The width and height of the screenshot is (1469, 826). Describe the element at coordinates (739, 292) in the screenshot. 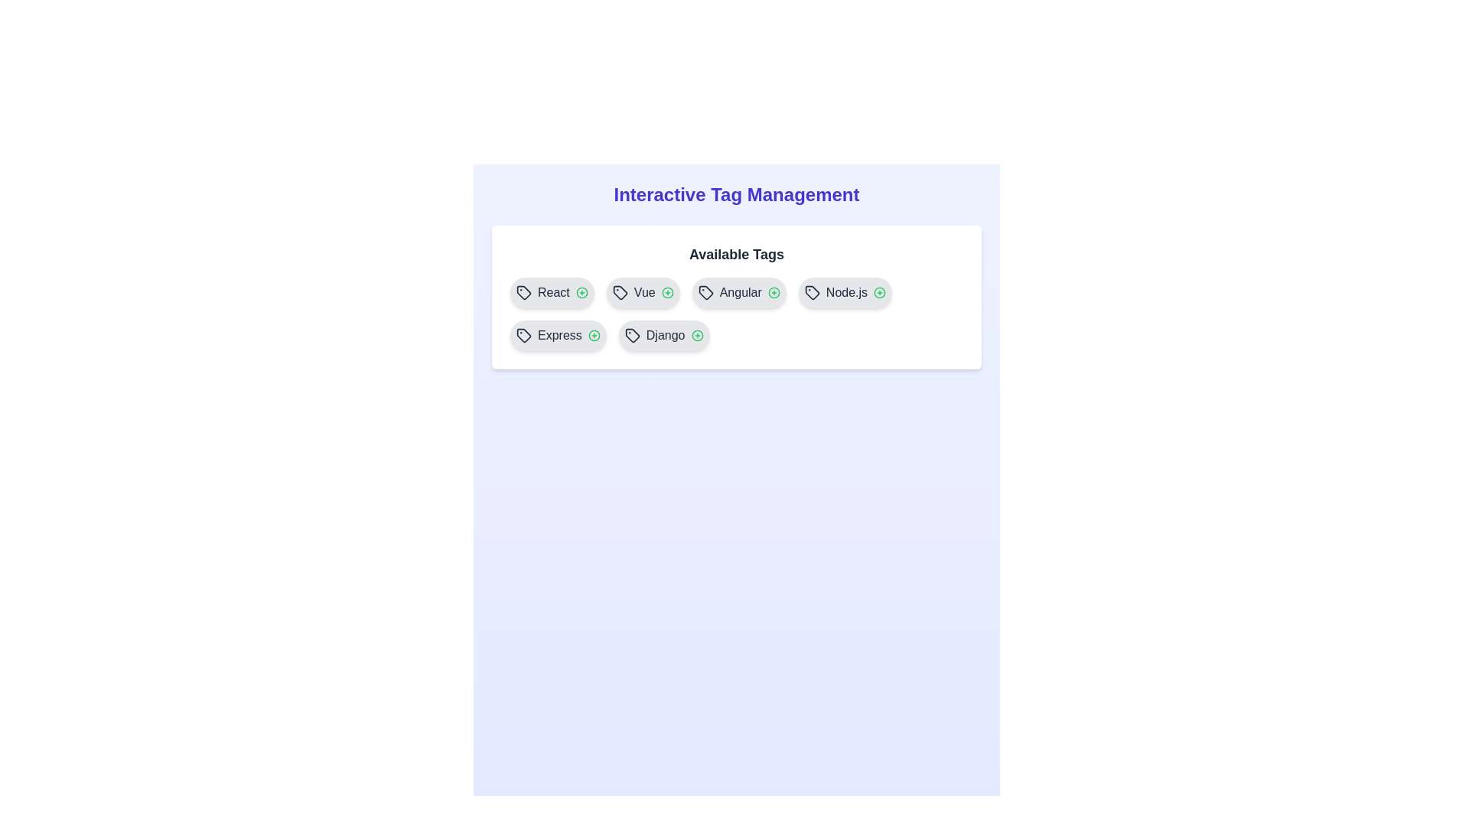

I see `the Angular tag button, which is the third button in the first row of available tags in the 'Interactive Tag Management' section` at that location.